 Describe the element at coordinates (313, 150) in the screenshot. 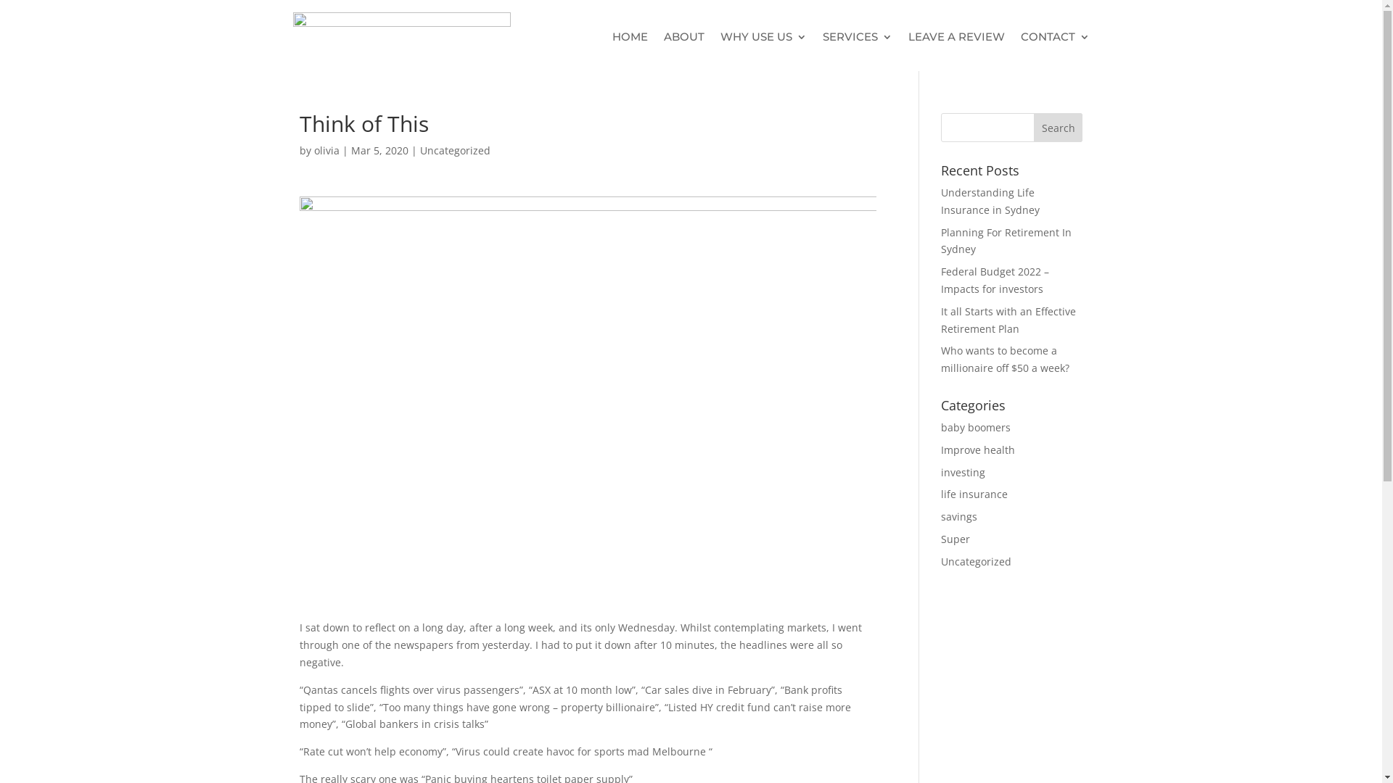

I see `'olivia'` at that location.